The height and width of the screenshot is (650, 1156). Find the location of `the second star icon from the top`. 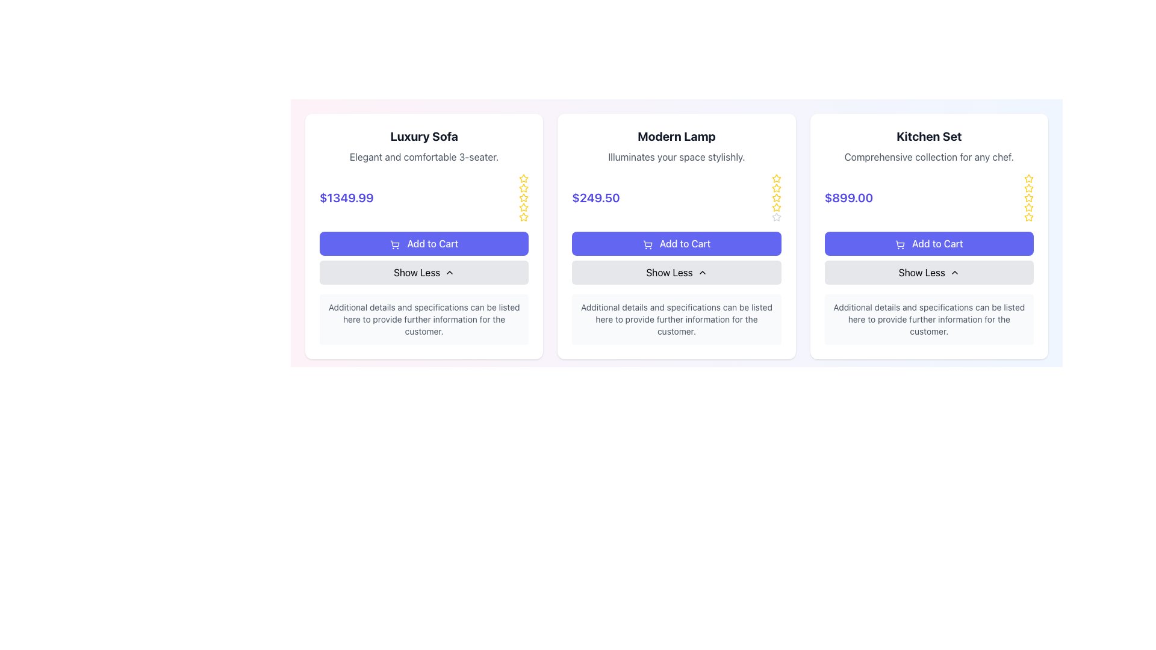

the second star icon from the top is located at coordinates (523, 206).